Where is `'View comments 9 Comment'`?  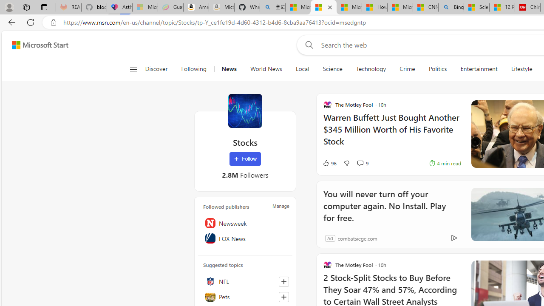
'View comments 9 Comment' is located at coordinates (363, 163).